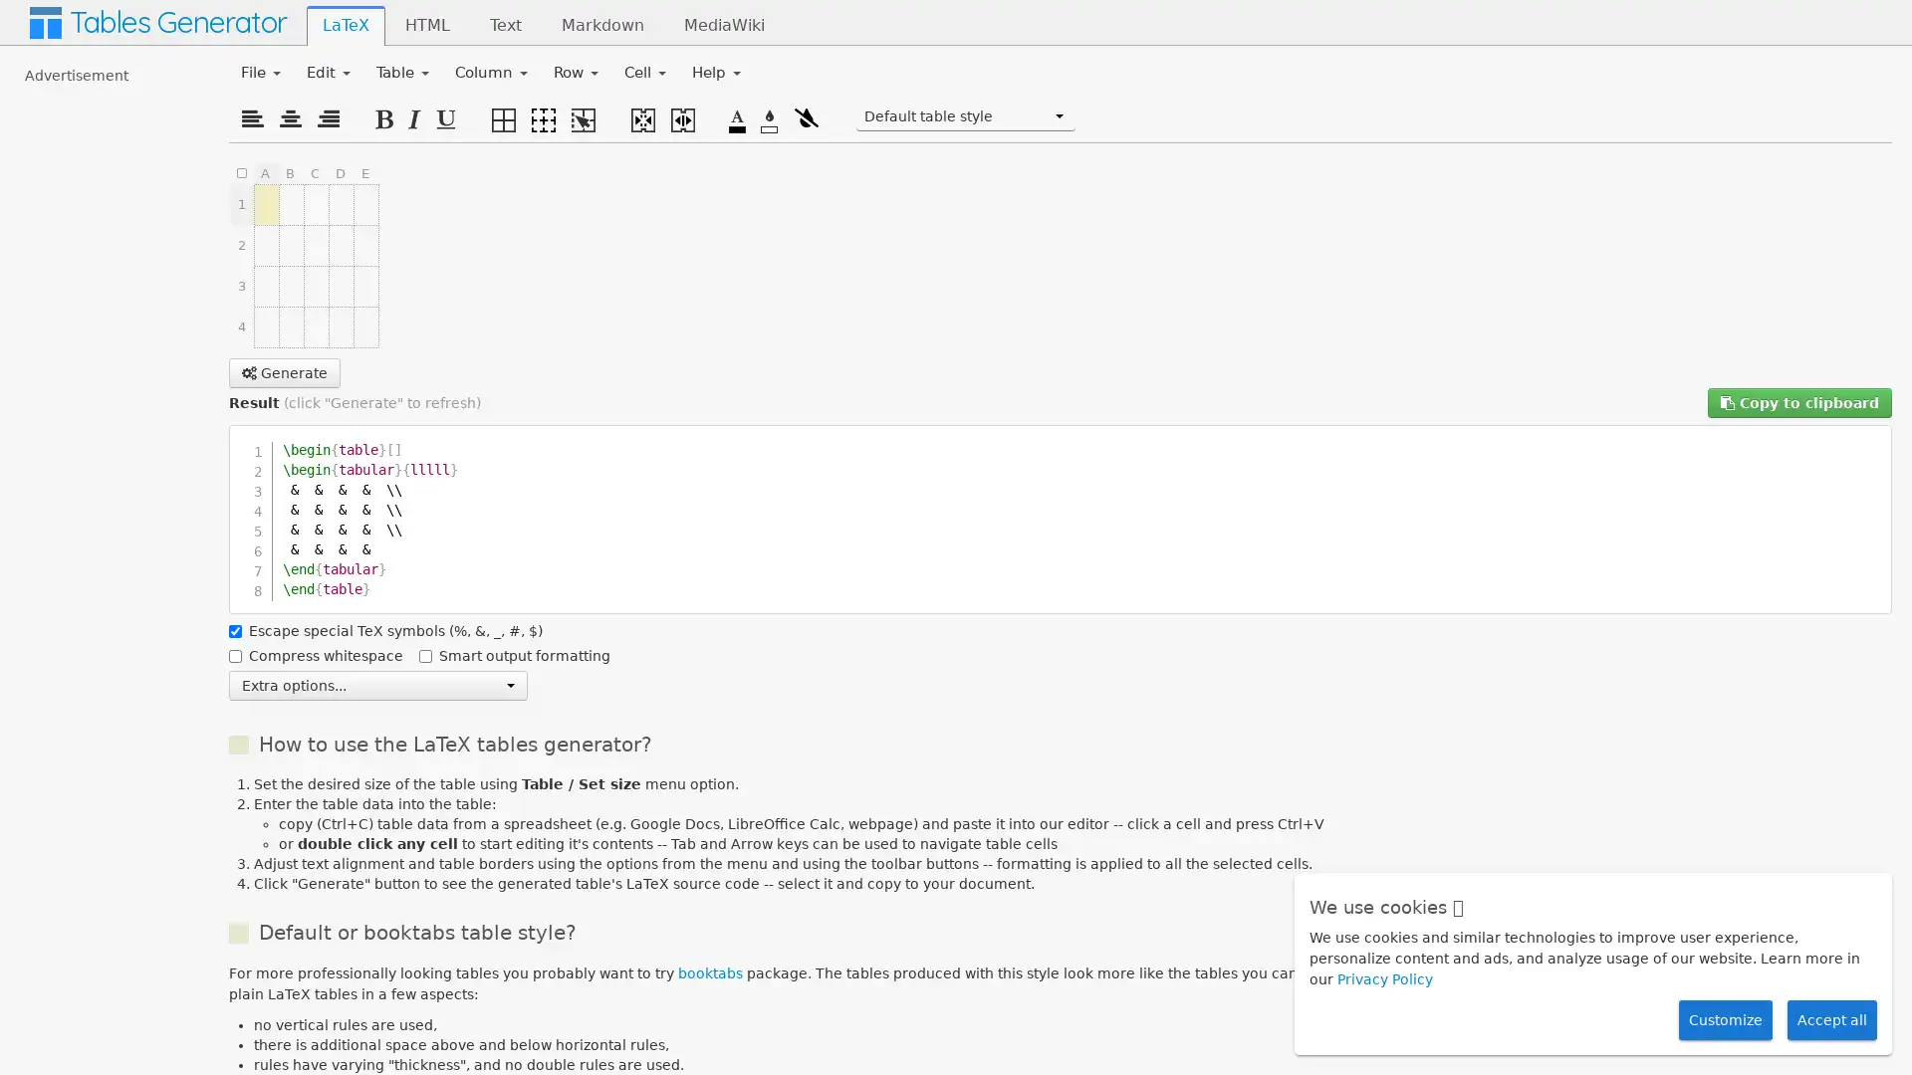  I want to click on Table, so click(401, 72).